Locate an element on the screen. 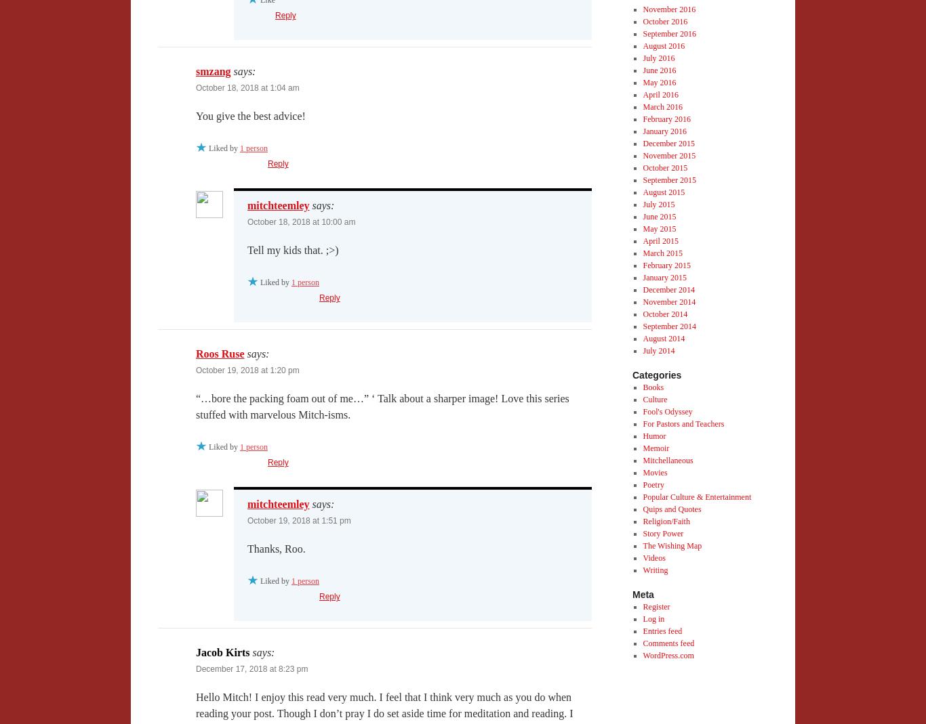  'January 2016' is located at coordinates (664, 130).